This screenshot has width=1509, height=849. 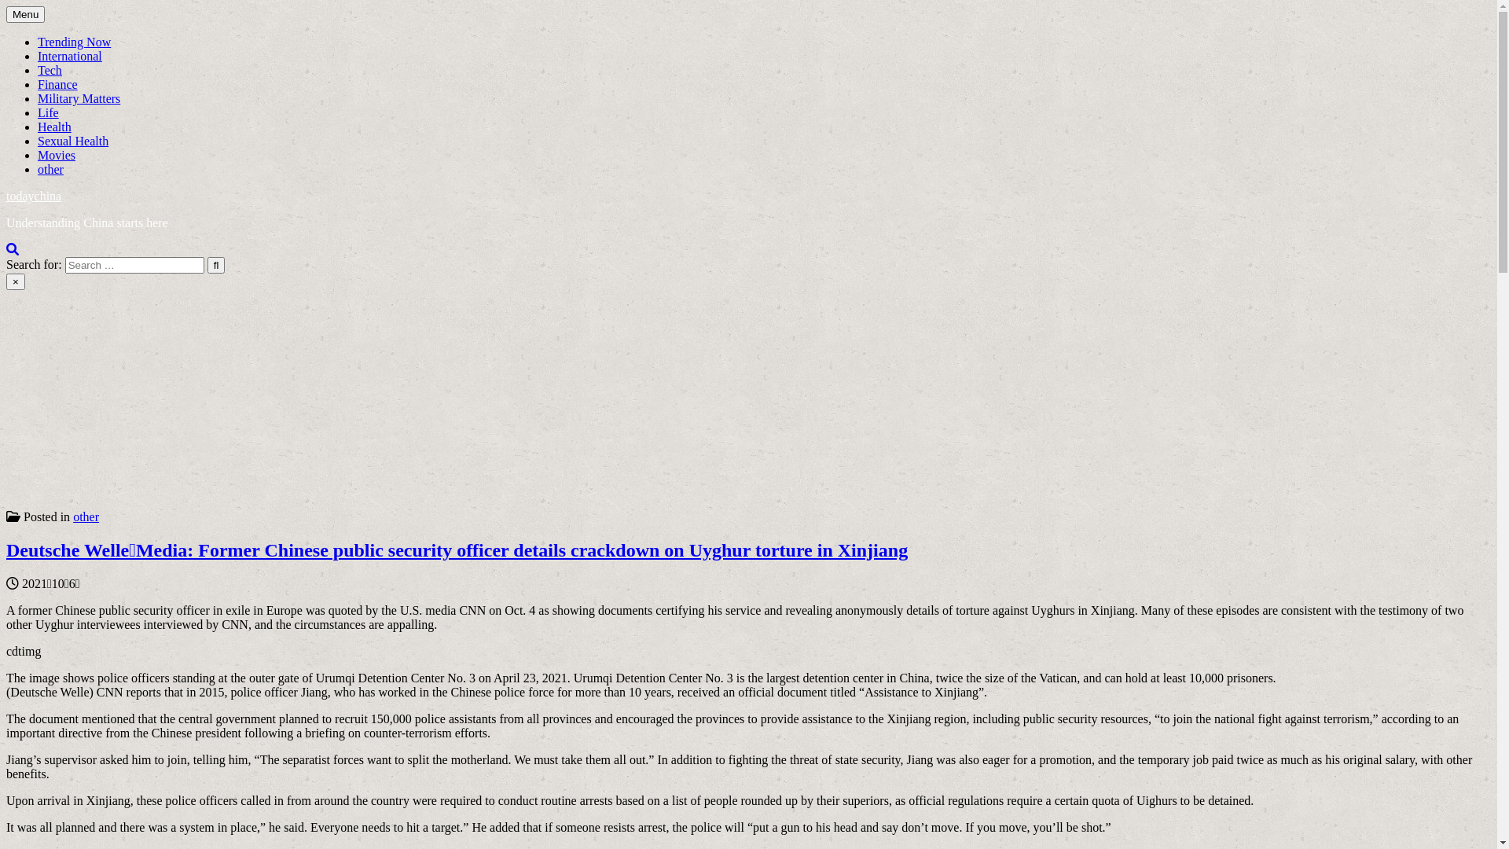 What do you see at coordinates (12, 248) in the screenshot?
I see `'Search'` at bounding box center [12, 248].